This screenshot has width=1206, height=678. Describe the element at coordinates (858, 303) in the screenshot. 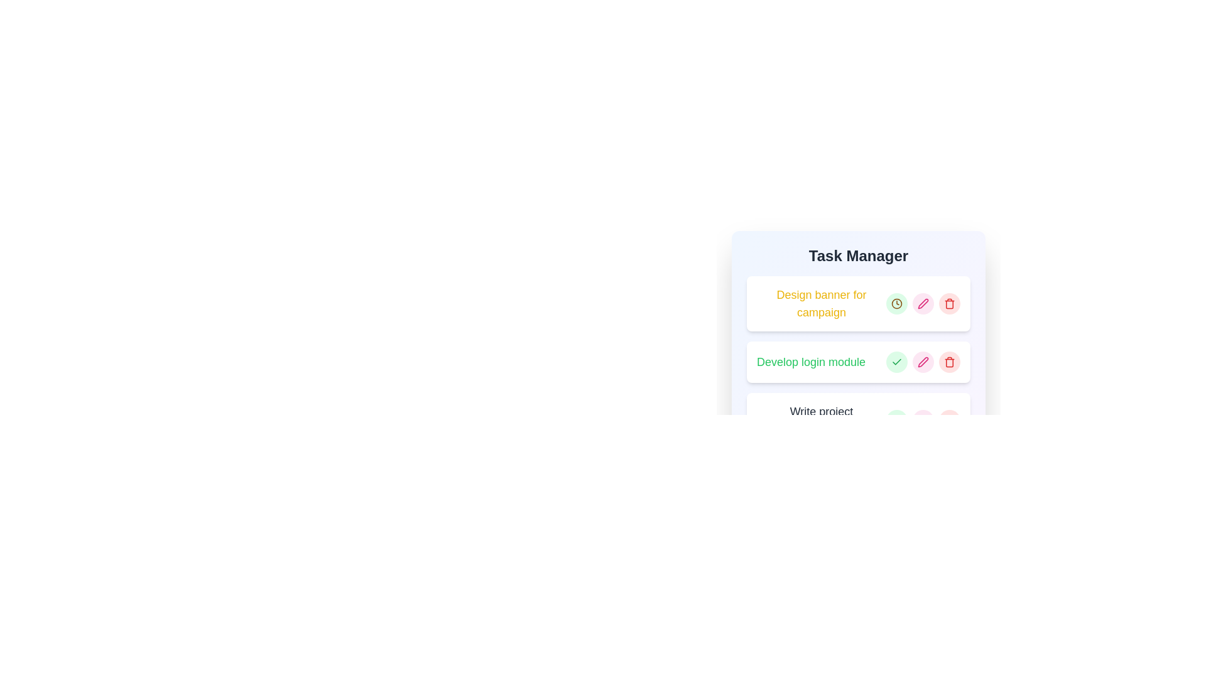

I see `text displayed in the Task card title, which is centered in a rectangular card with rounded corners at the top of a vertical list` at that location.